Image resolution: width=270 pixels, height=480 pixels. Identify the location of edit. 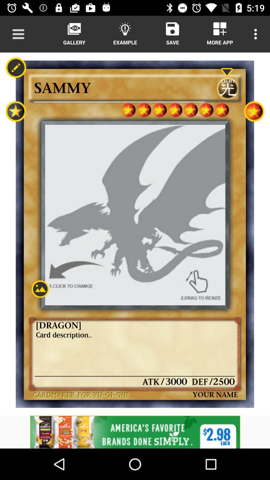
(15, 67).